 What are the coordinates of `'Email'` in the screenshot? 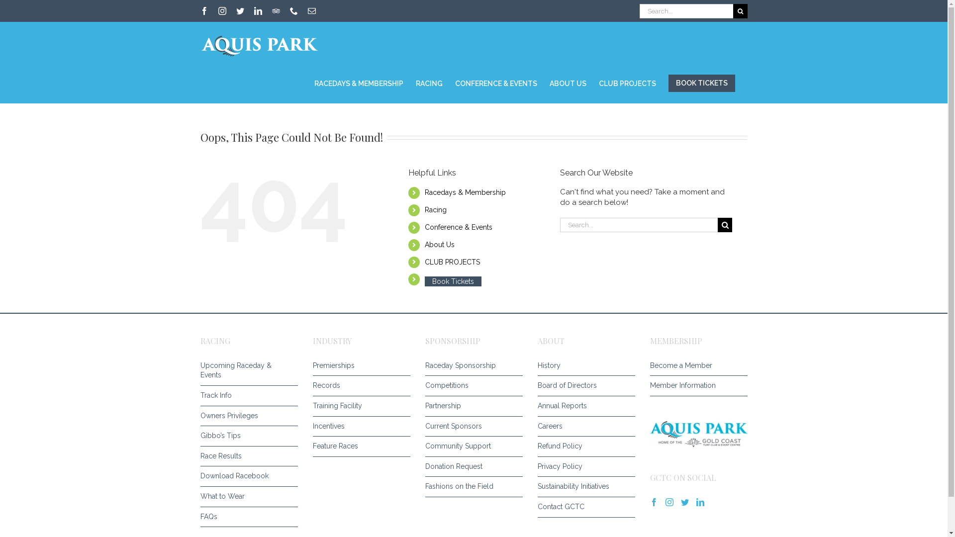 It's located at (310, 11).